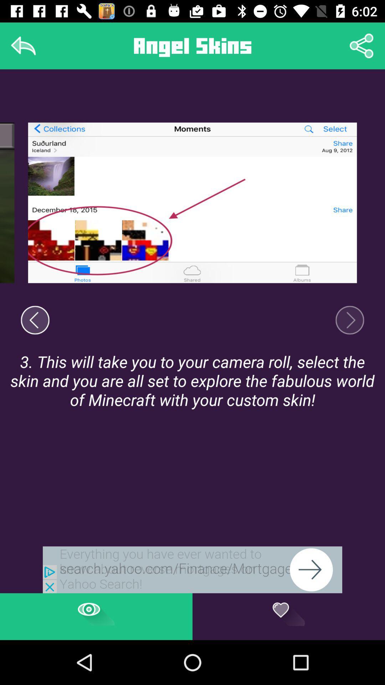 The width and height of the screenshot is (385, 685). Describe the element at coordinates (361, 45) in the screenshot. I see `share settings` at that location.